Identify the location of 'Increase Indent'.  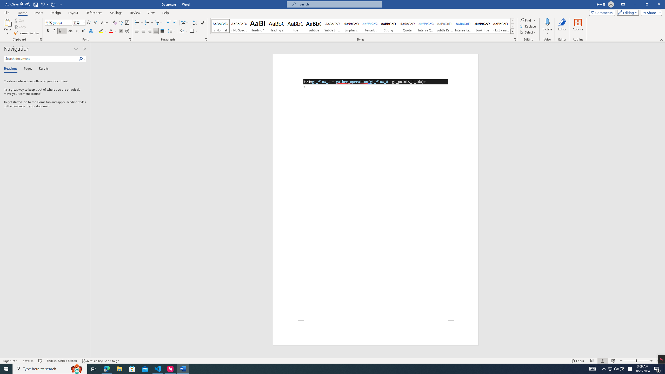
(175, 23).